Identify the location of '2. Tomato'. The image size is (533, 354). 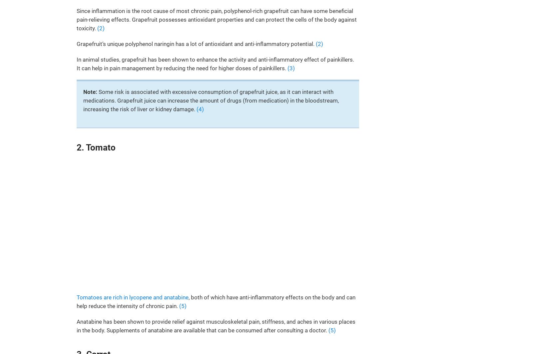
(76, 147).